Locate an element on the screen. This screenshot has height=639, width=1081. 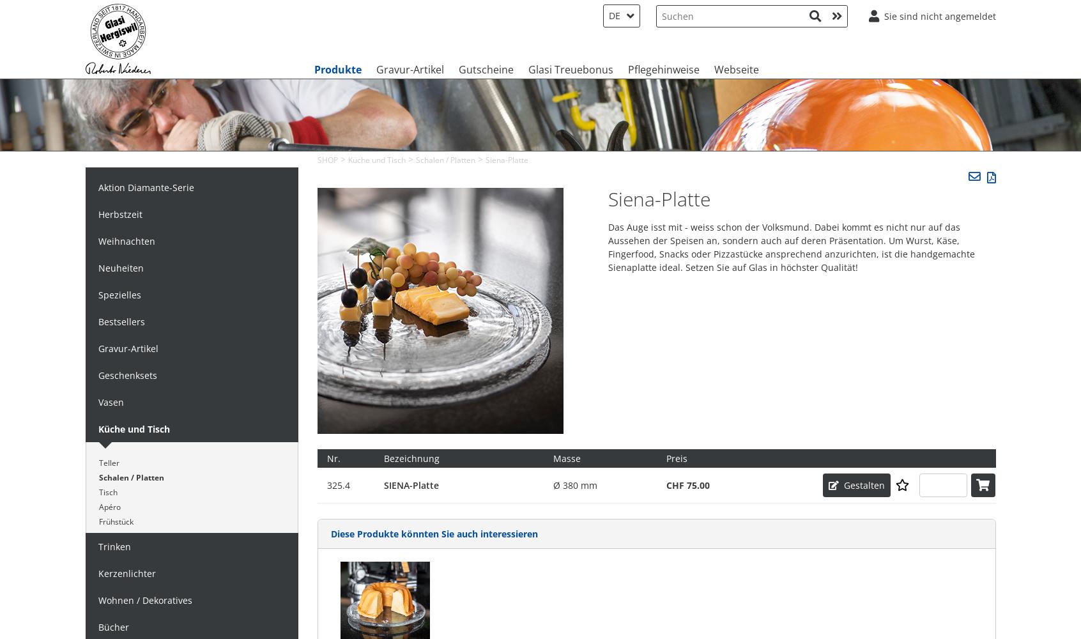
'Tisch' is located at coordinates (107, 491).